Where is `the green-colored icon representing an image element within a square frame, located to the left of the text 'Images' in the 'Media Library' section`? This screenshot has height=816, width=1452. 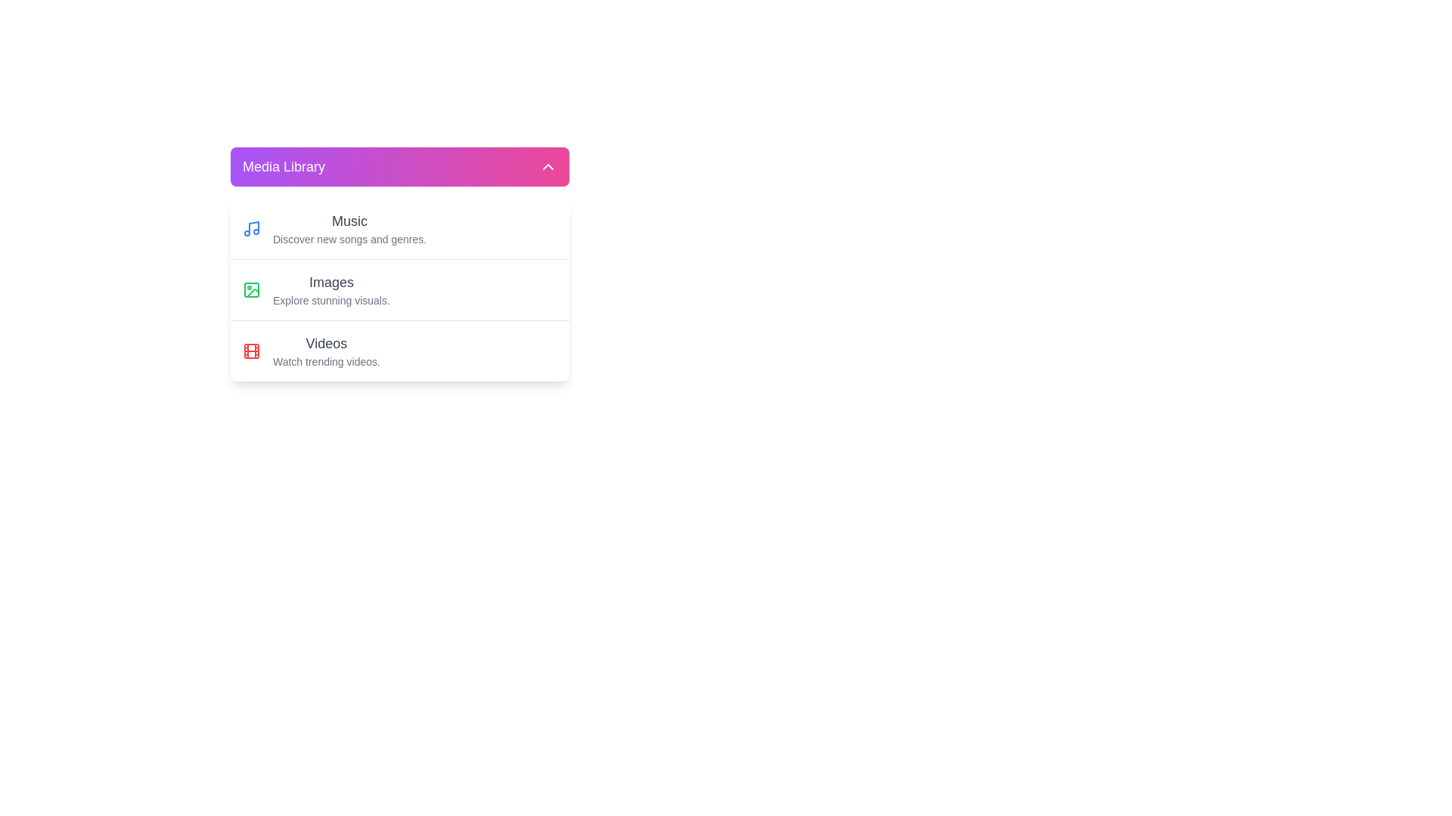 the green-colored icon representing an image element within a square frame, located to the left of the text 'Images' in the 'Media Library' section is located at coordinates (251, 290).